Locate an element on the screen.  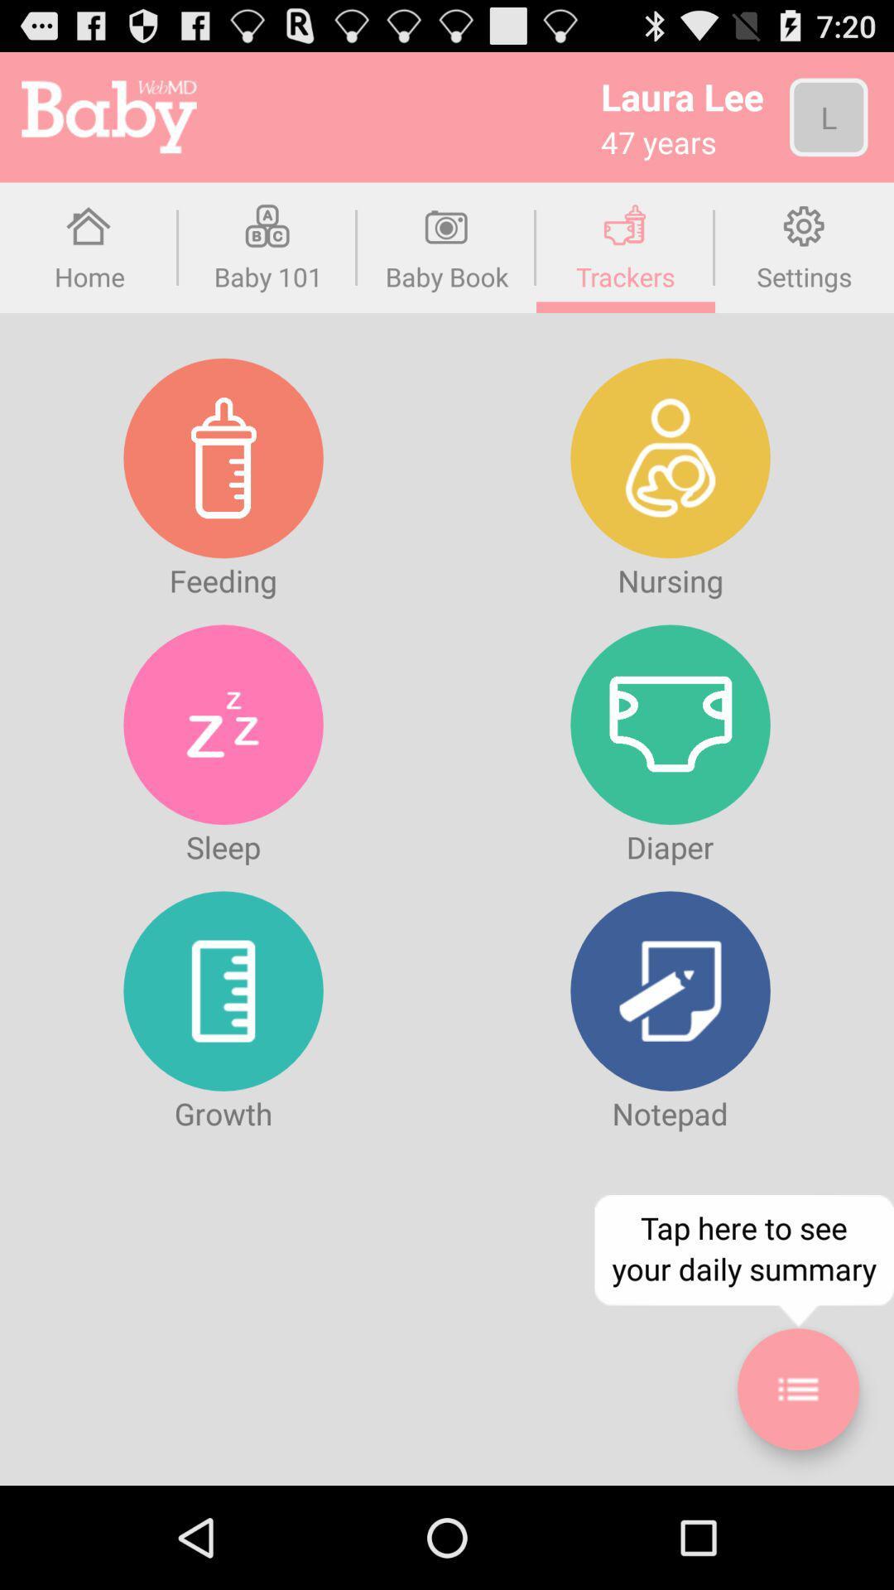
summary is located at coordinates (797, 1389).